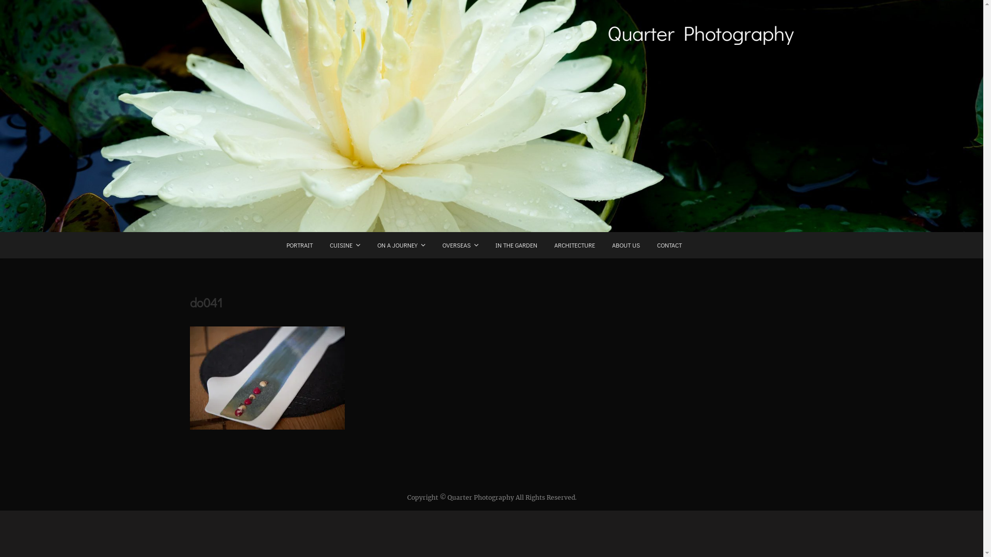  Describe the element at coordinates (345, 245) in the screenshot. I see `'CUISINE'` at that location.